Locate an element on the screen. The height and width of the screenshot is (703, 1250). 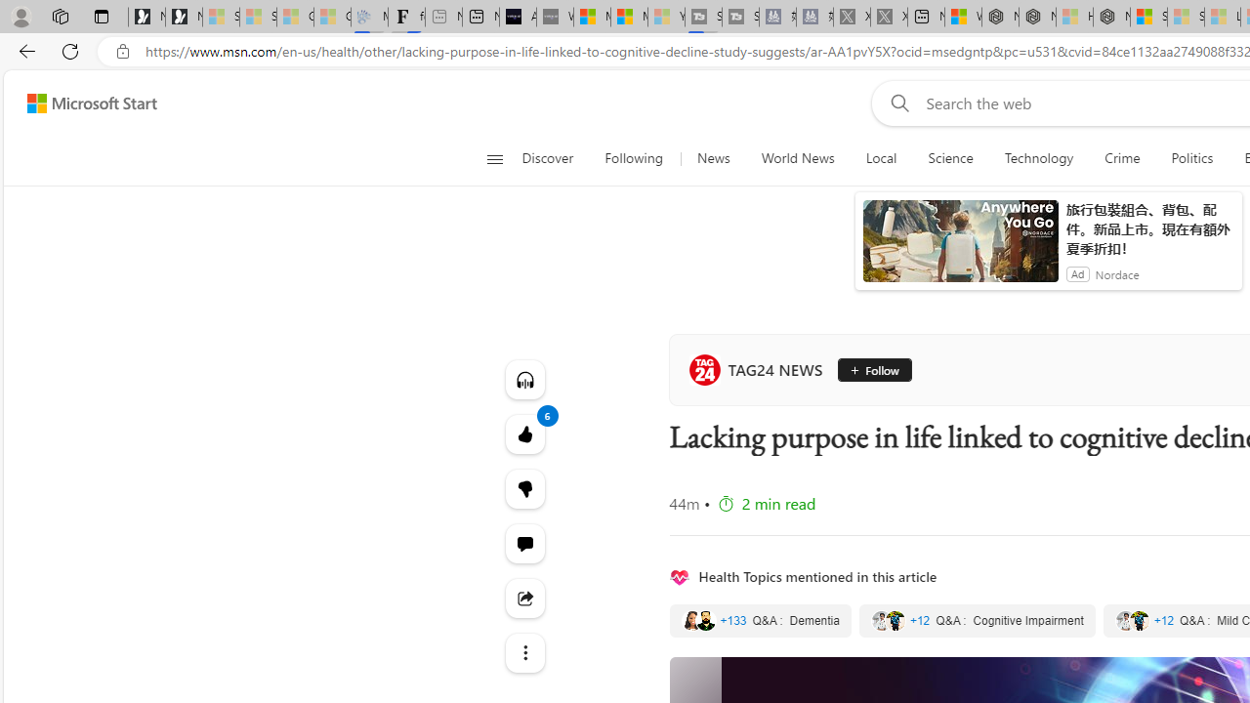
'Science' is located at coordinates (950, 158).